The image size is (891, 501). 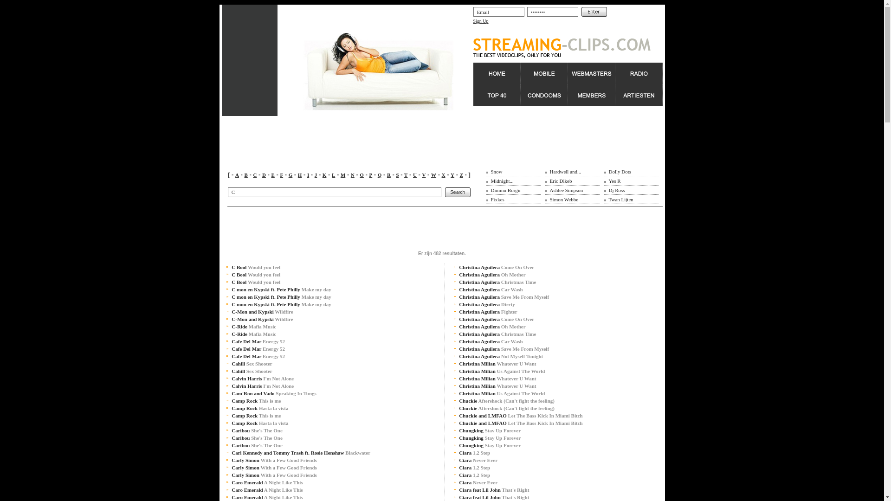 What do you see at coordinates (266, 482) in the screenshot?
I see `'Caro Emerald A Night Like This'` at bounding box center [266, 482].